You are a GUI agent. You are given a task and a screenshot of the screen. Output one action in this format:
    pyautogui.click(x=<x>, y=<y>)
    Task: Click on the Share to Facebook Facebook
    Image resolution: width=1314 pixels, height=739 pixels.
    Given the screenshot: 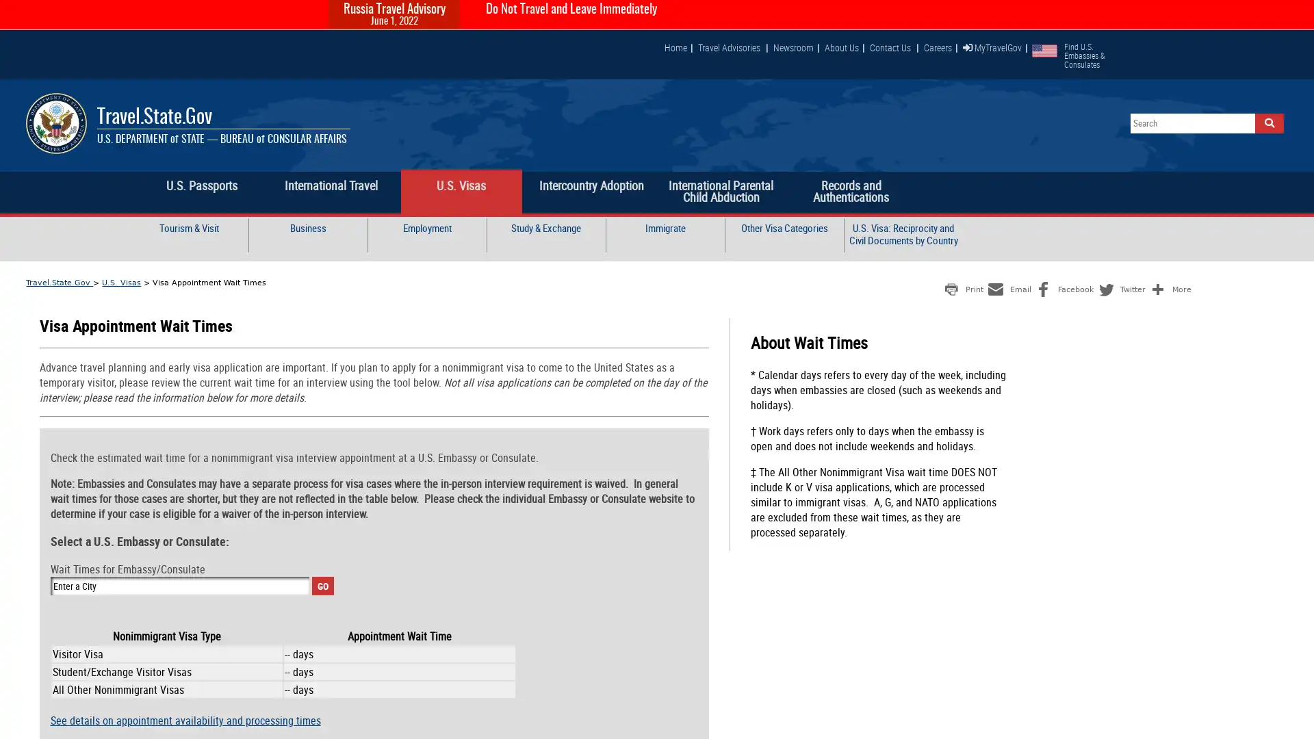 What is the action you would take?
    pyautogui.click(x=1063, y=287)
    